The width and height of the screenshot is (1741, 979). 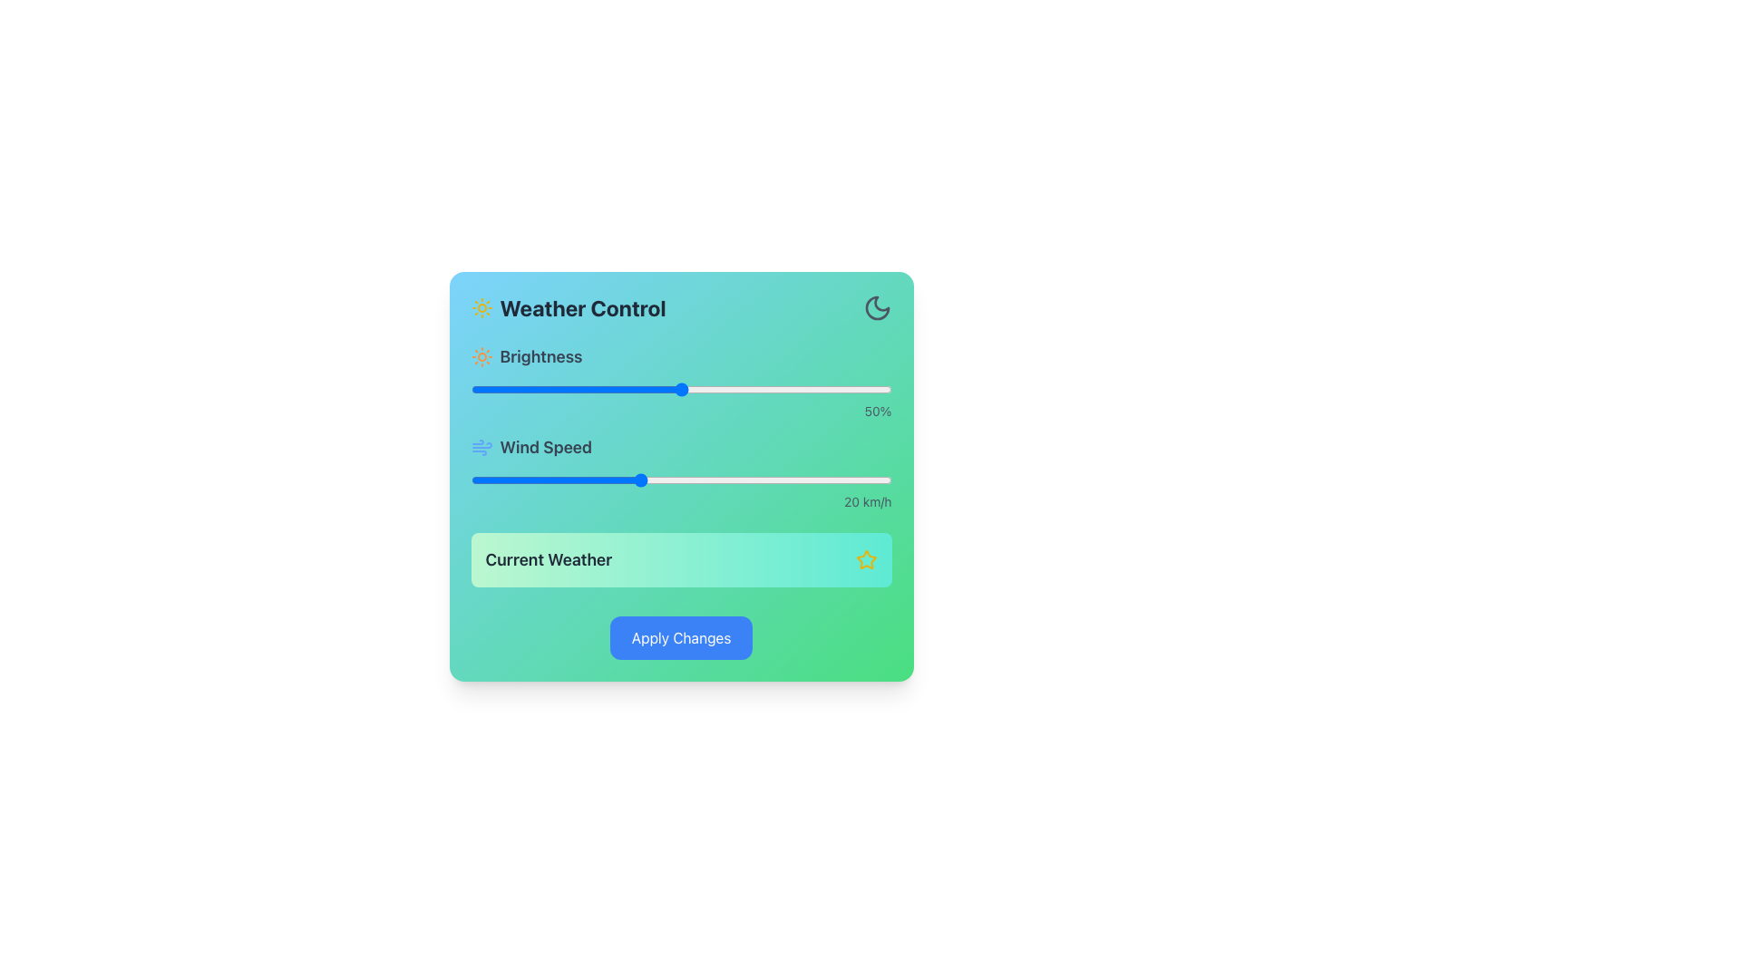 What do you see at coordinates (496, 479) in the screenshot?
I see `the wind speed` at bounding box center [496, 479].